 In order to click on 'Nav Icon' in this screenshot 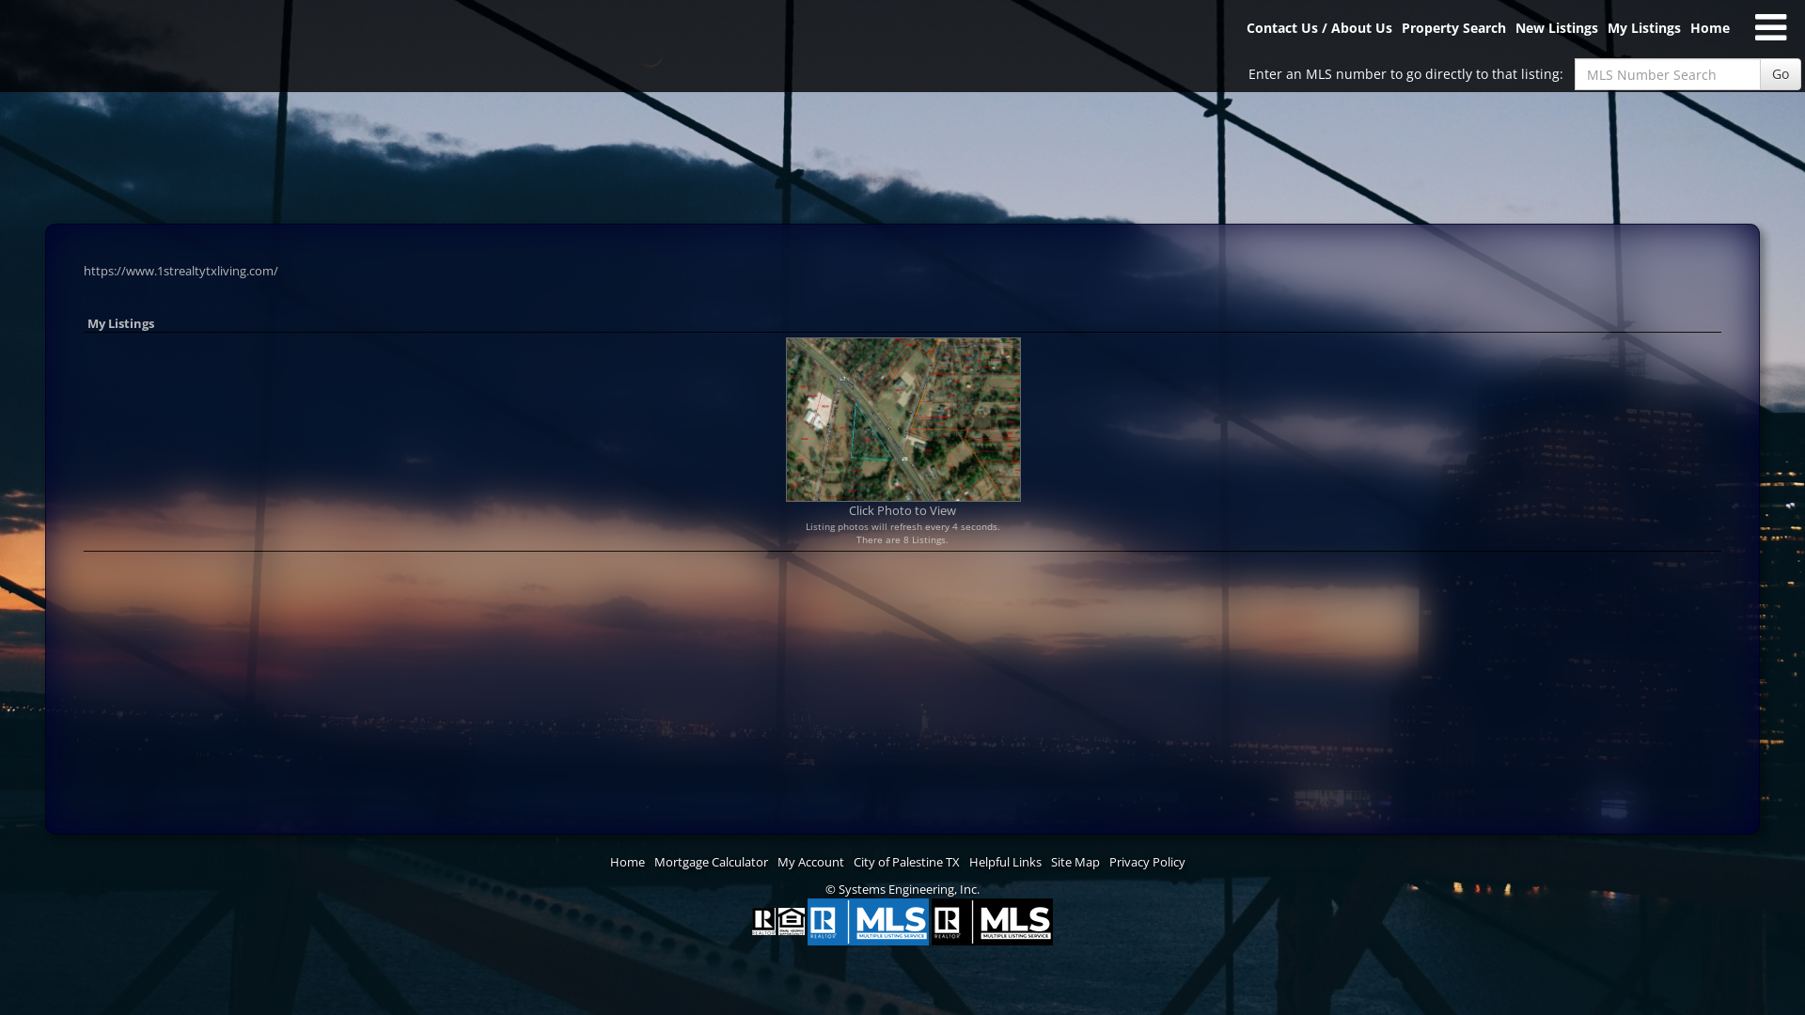, I will do `click(1769, 27)`.